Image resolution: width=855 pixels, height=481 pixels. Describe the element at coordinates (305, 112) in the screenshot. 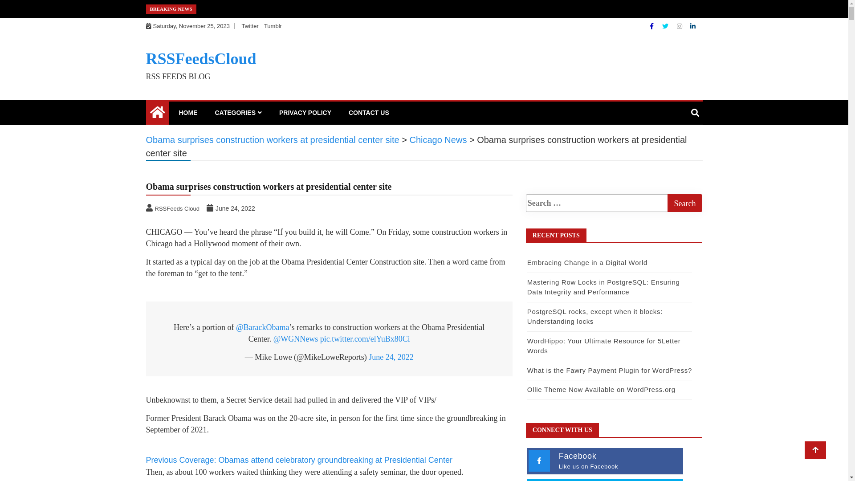

I see `'PRIVACY POLICY'` at that location.